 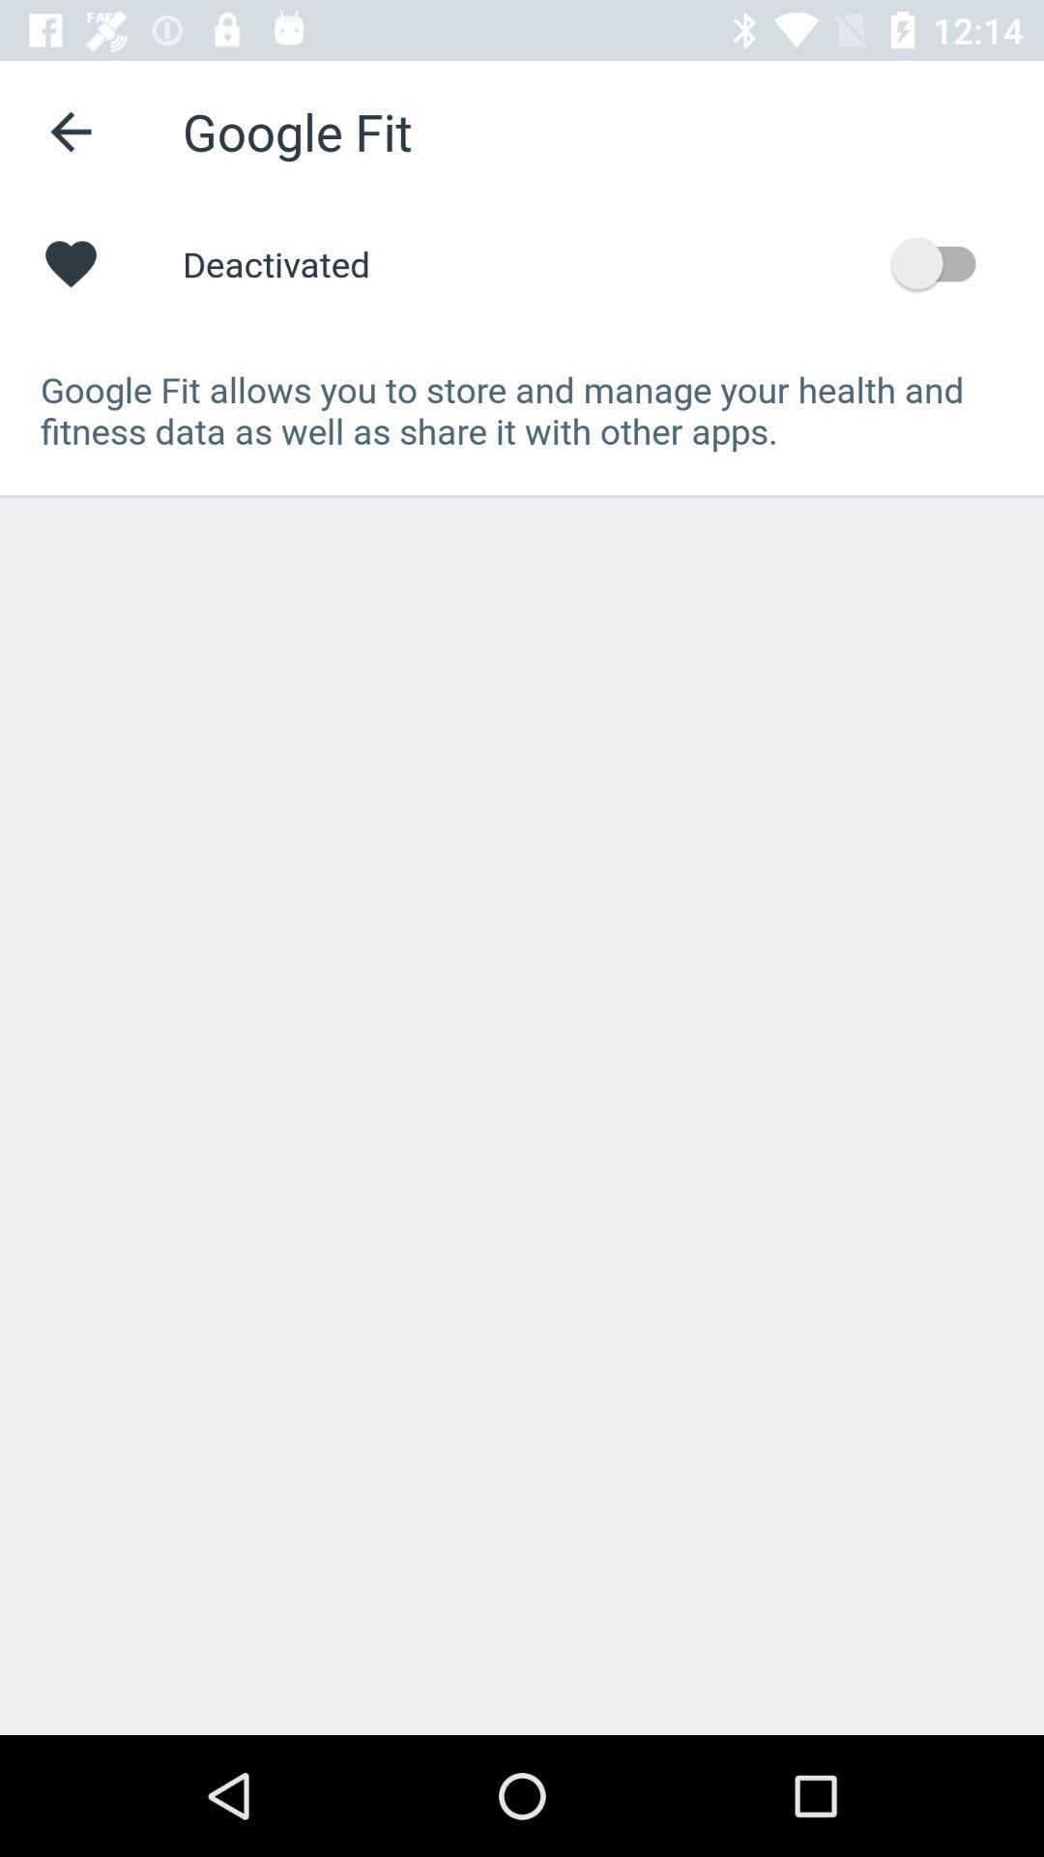 What do you see at coordinates (942, 262) in the screenshot?
I see `the icon above the google fit allows` at bounding box center [942, 262].